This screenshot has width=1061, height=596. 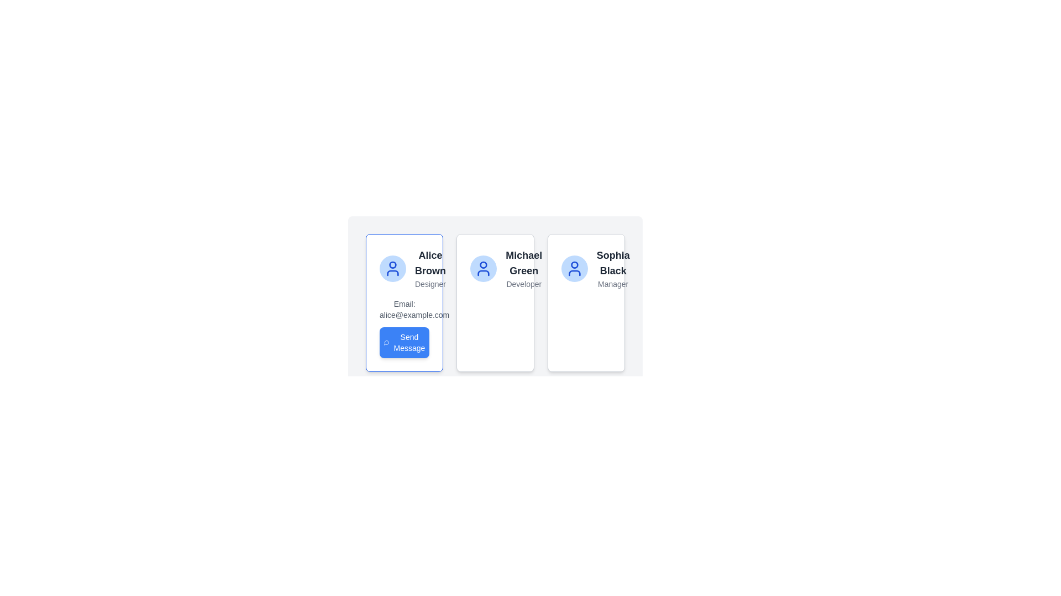 I want to click on the text label displaying 'Alice Brown' and 'Designer' located in the top section of the leftmost card, aligned with the avatar icon above and the email text field below, so click(x=429, y=268).